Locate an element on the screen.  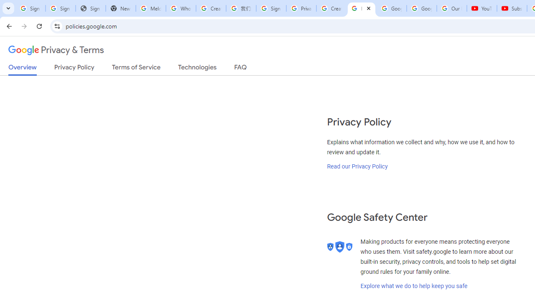
'Create your Google Account' is located at coordinates (331, 8).